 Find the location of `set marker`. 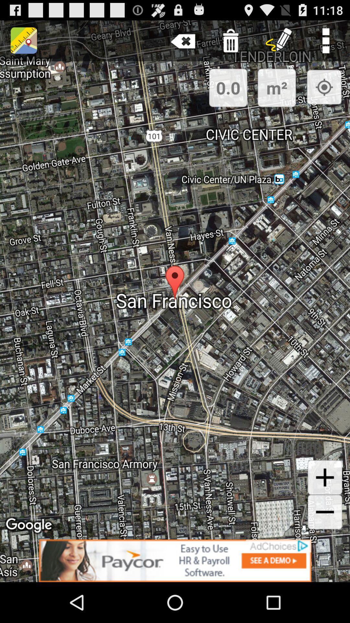

set marker is located at coordinates (324, 87).